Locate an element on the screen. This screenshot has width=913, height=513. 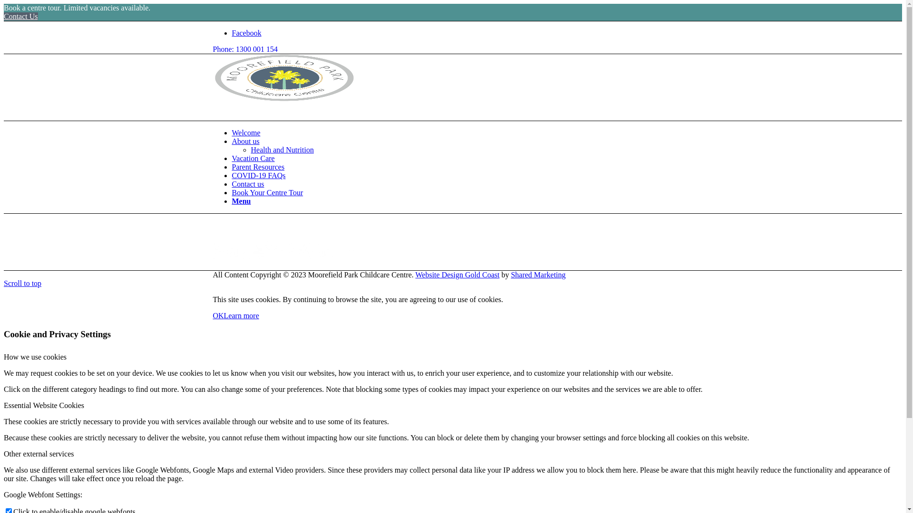
'Vacation Care' is located at coordinates (253, 158).